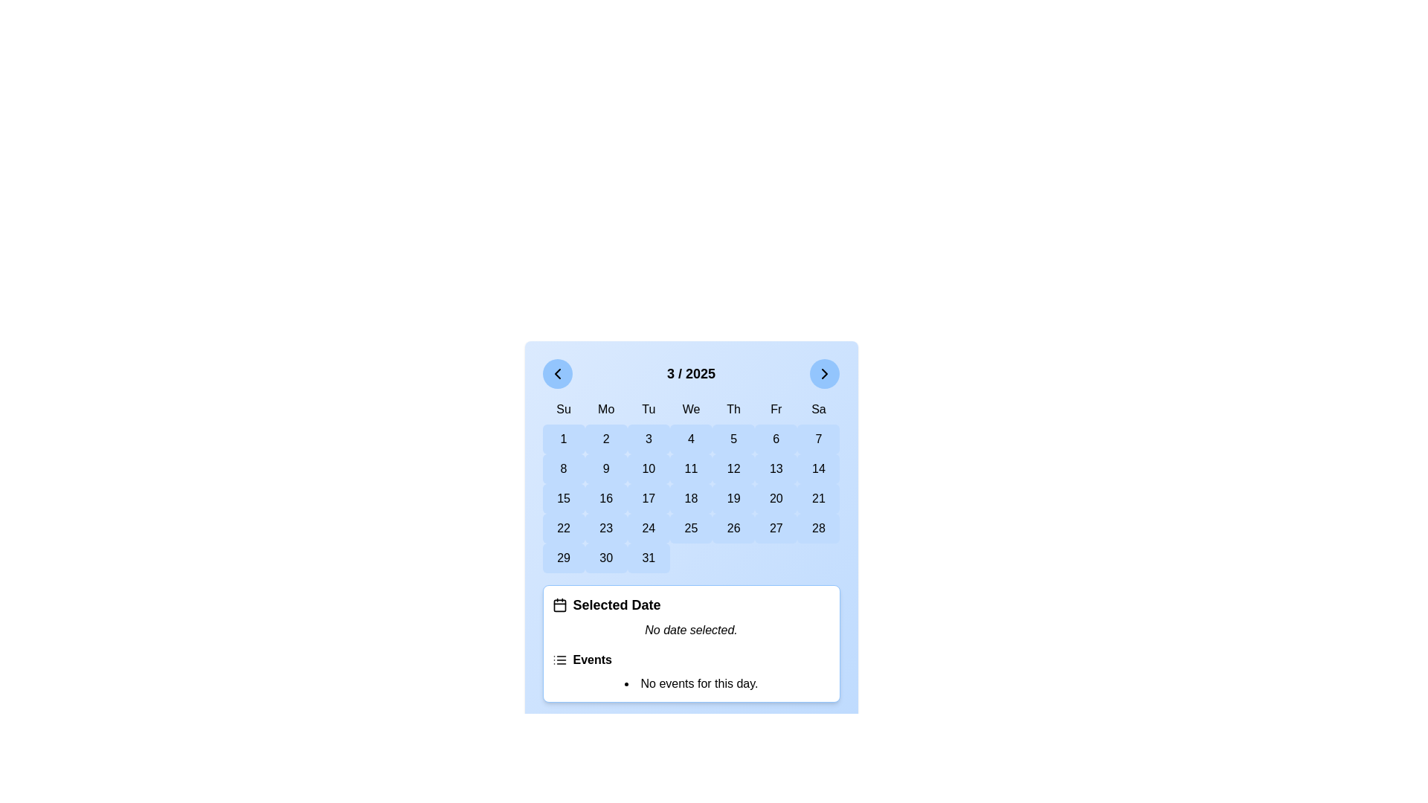 Image resolution: width=1428 pixels, height=803 pixels. What do you see at coordinates (649, 499) in the screenshot?
I see `the button displaying the number '17' in a light blue background` at bounding box center [649, 499].